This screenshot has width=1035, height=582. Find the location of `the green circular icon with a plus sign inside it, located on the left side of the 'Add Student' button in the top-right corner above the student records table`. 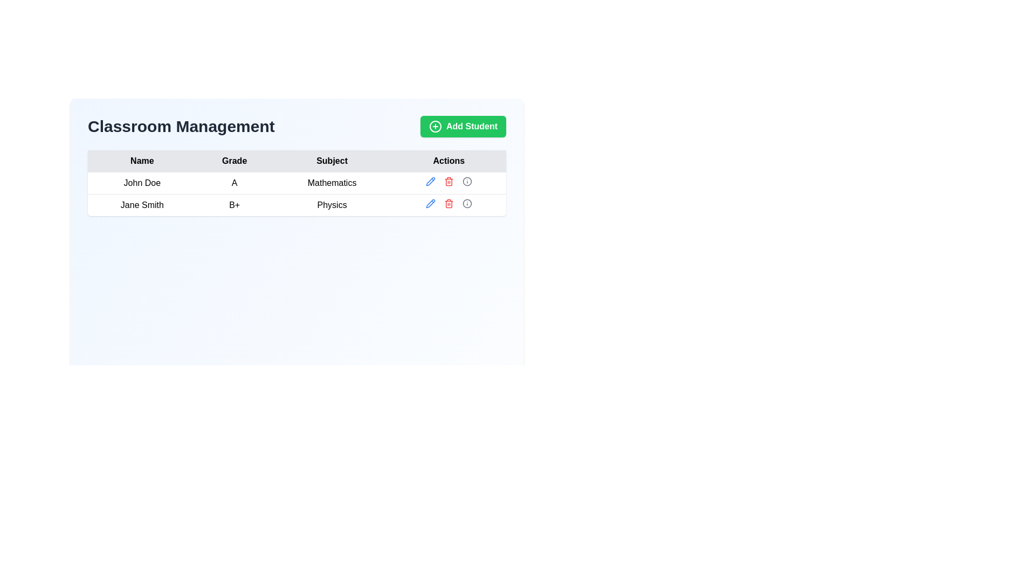

the green circular icon with a plus sign inside it, located on the left side of the 'Add Student' button in the top-right corner above the student records table is located at coordinates (435, 126).